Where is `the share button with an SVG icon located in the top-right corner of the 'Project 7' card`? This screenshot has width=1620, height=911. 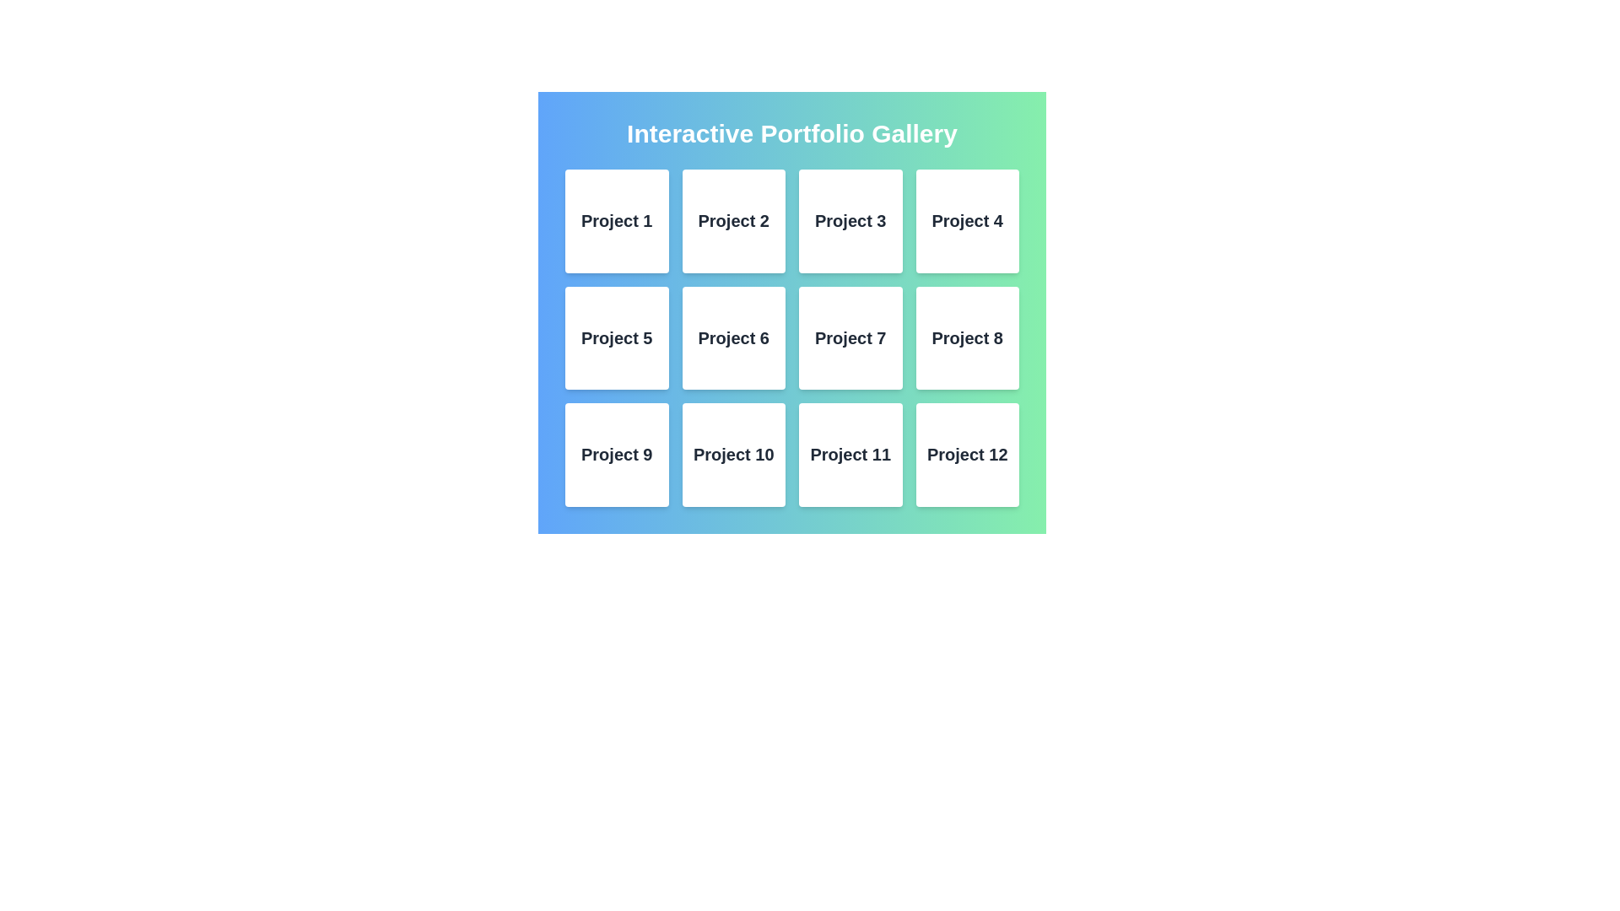
the share button with an SVG icon located in the top-right corner of the 'Project 7' card is located at coordinates (872, 337).